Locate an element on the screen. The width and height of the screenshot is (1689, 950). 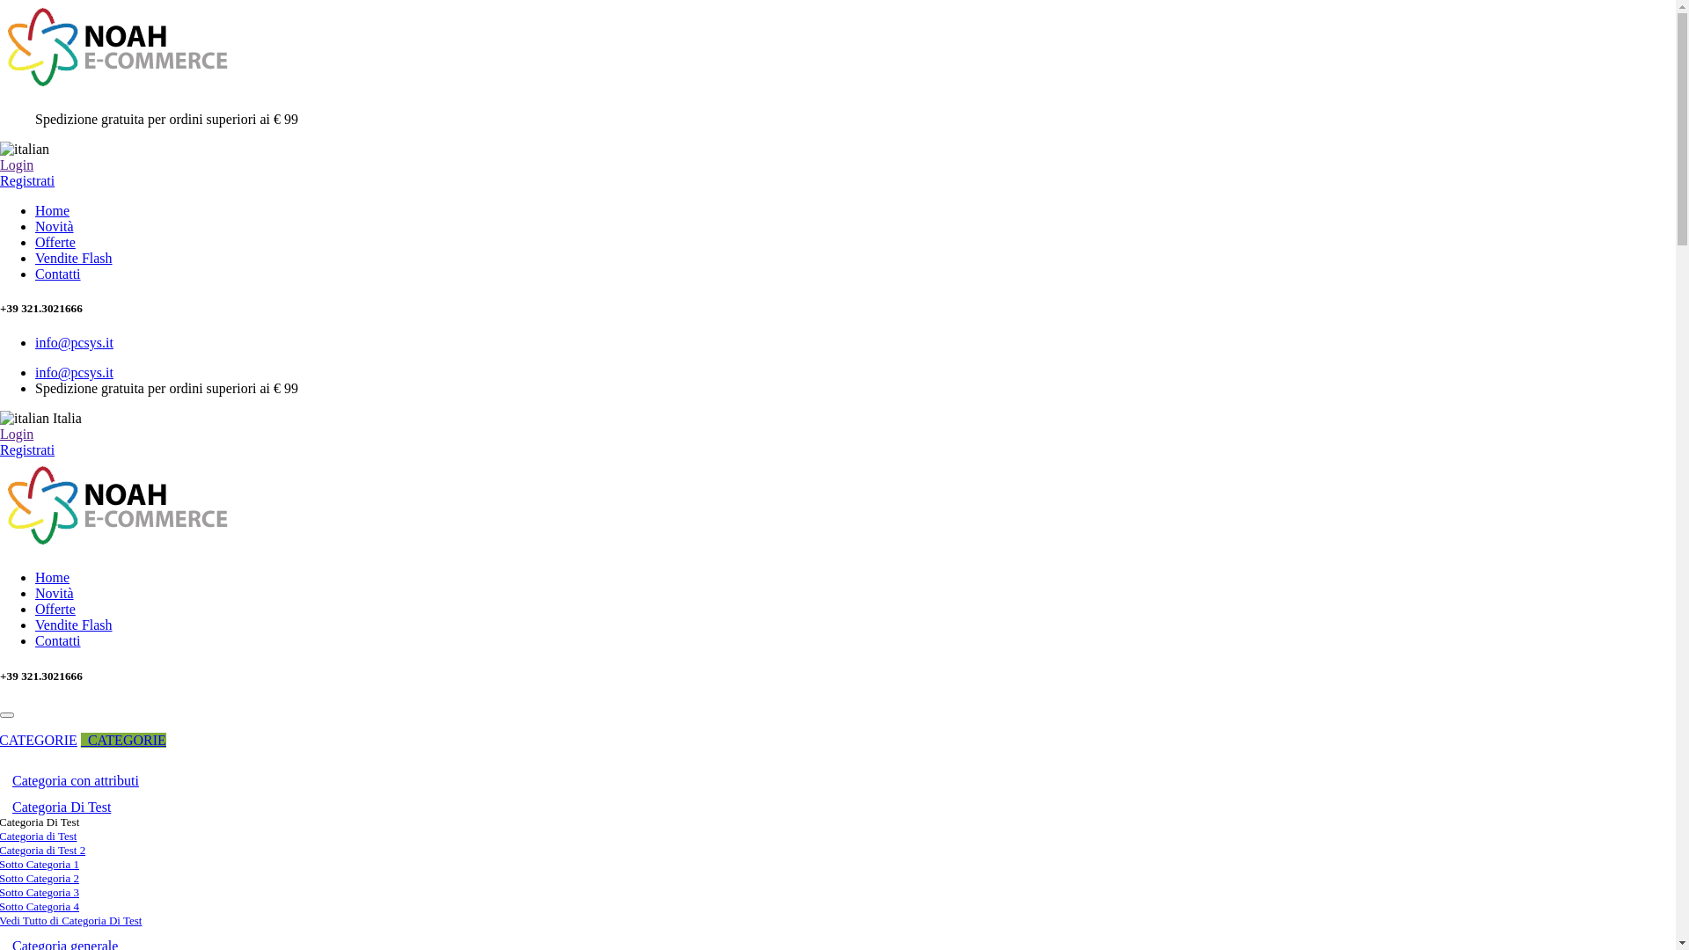
'Home' is located at coordinates (34, 209).